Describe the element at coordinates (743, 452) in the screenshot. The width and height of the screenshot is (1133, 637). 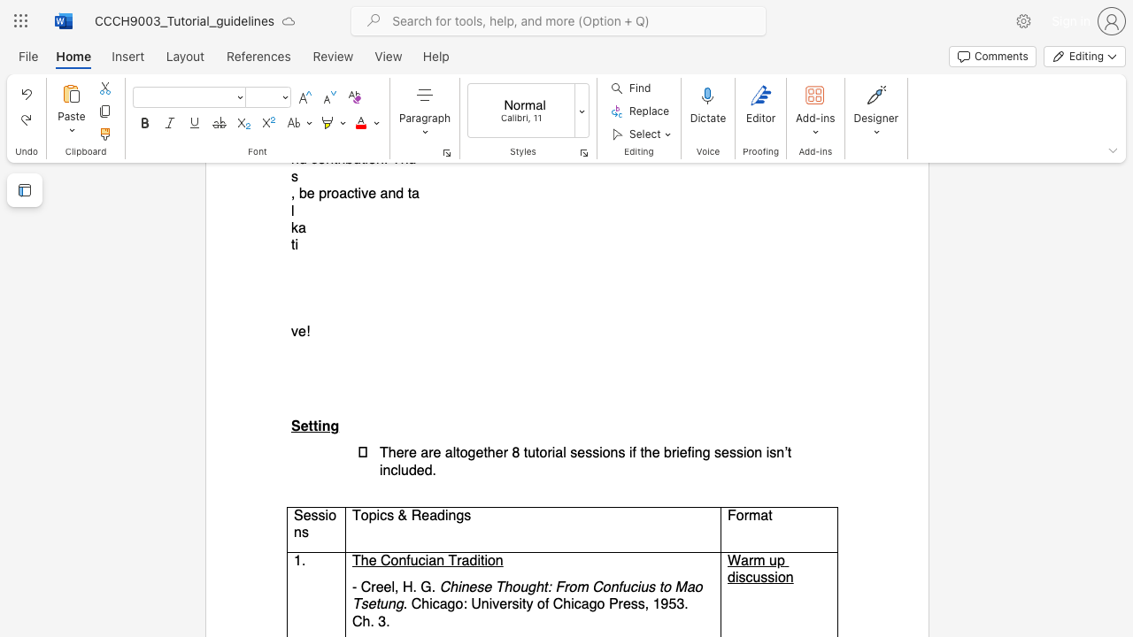
I see `the subset text "ion isn’t in" within the text "There are altogether 8 tutorial sessions if the briefing session isn’t included."` at that location.